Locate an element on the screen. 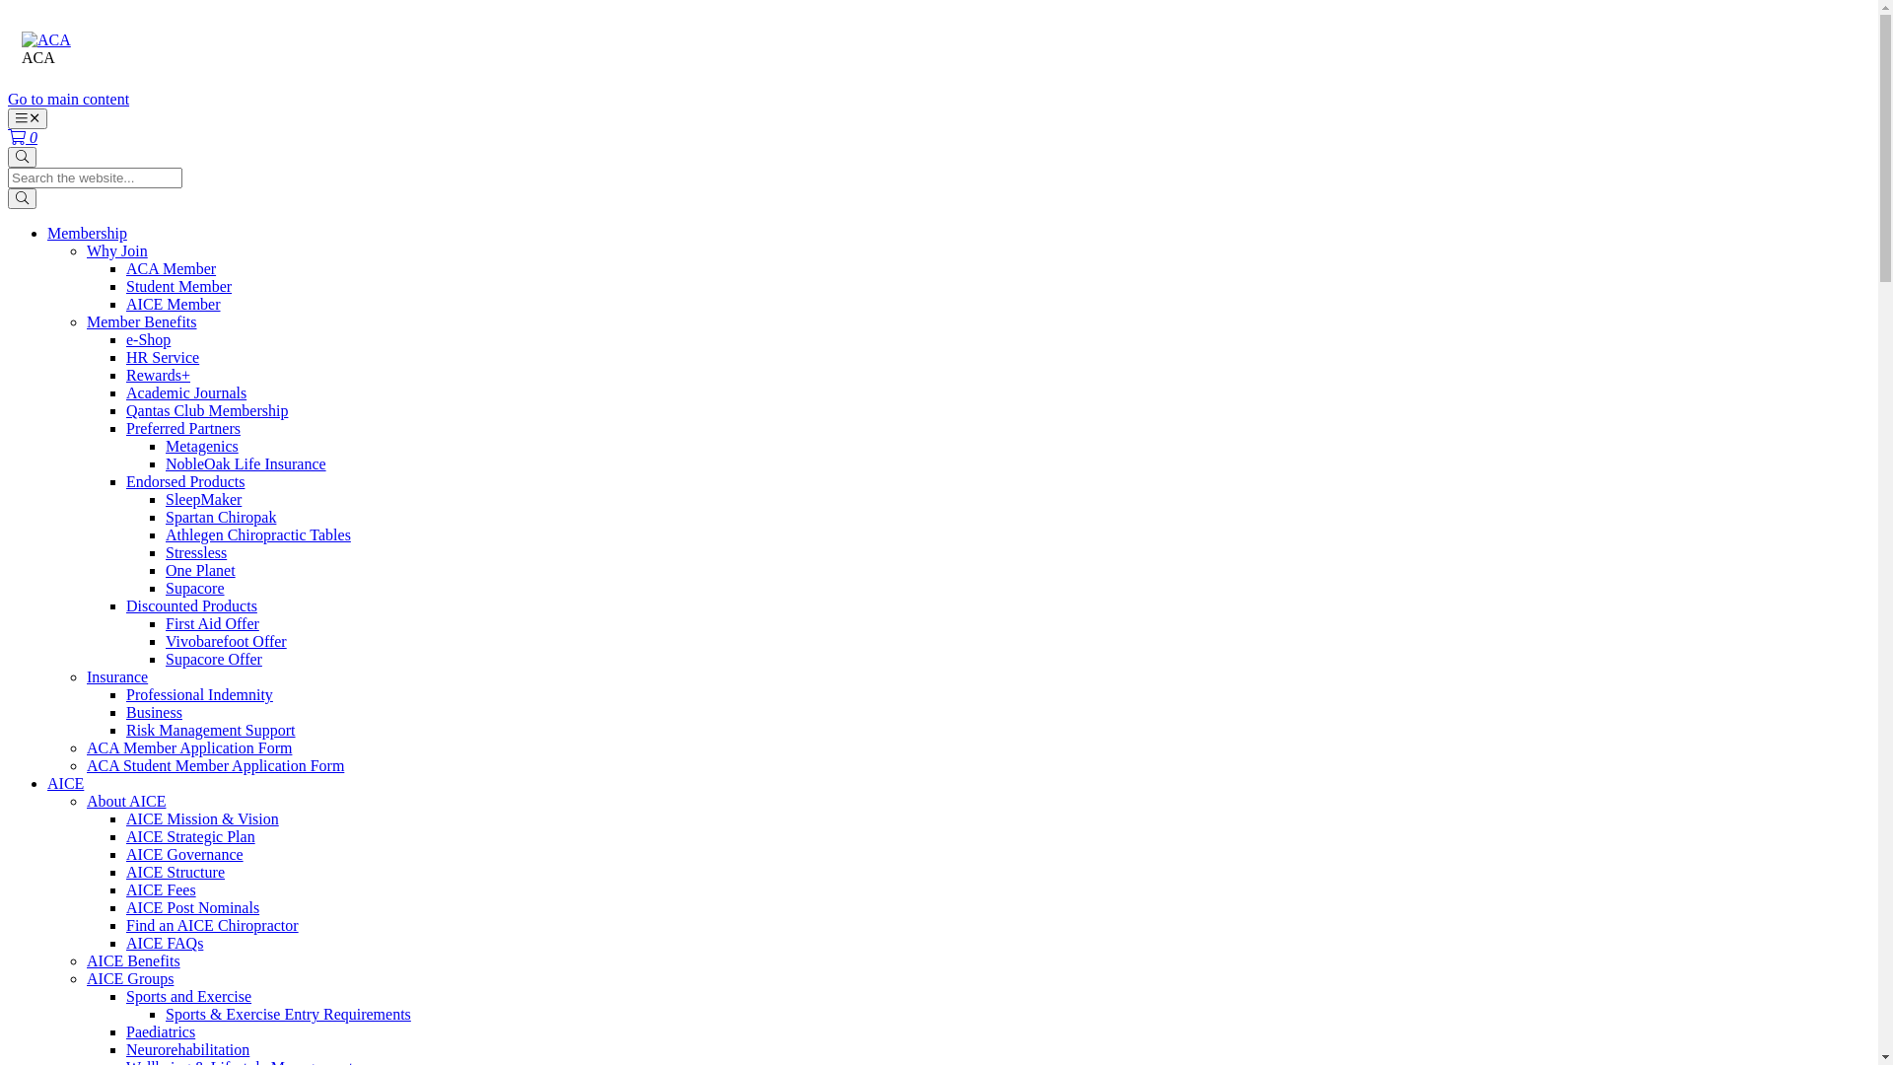 The image size is (1893, 1065). 'Sports & Exercise Entry Requirements' is located at coordinates (287, 1014).